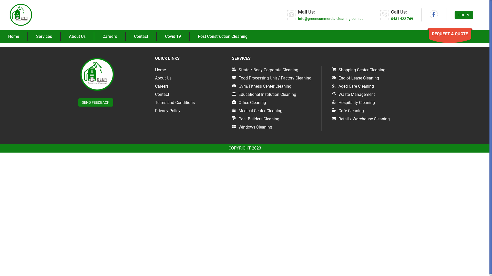 The width and height of the screenshot is (492, 276). I want to click on 'Privacy Policy', so click(168, 110).